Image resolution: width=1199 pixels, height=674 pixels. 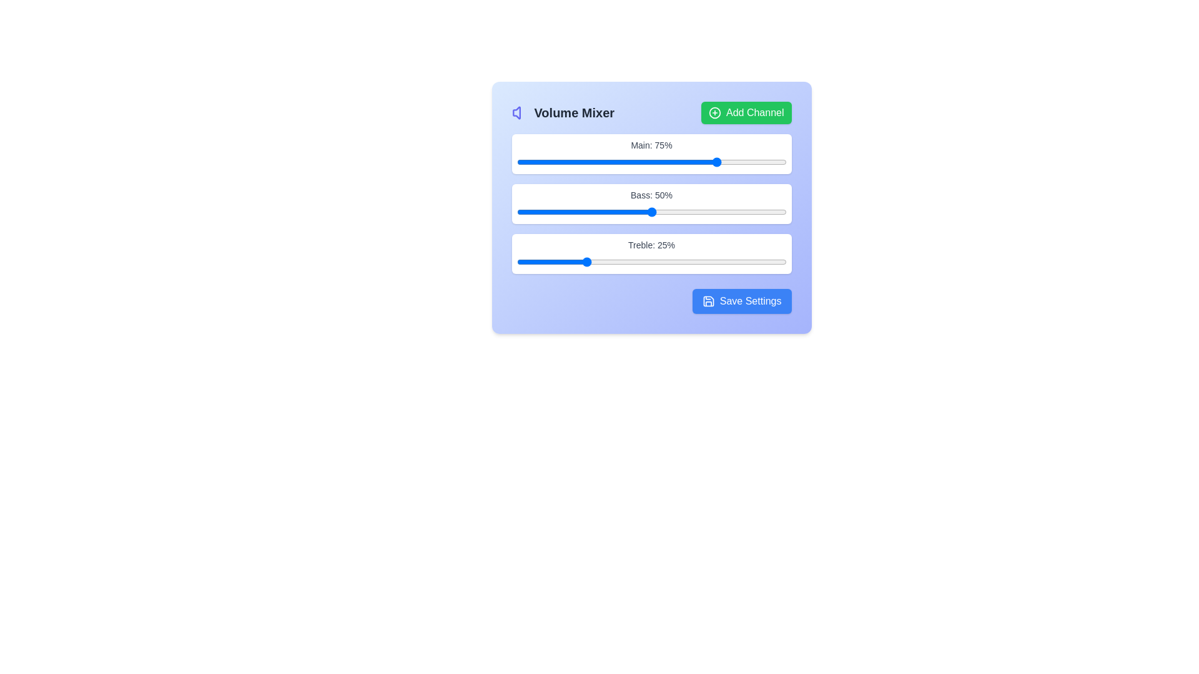 What do you see at coordinates (714, 113) in the screenshot?
I see `the 'Add Channel' button by clicking on its associated icon located on the top right of the content area` at bounding box center [714, 113].